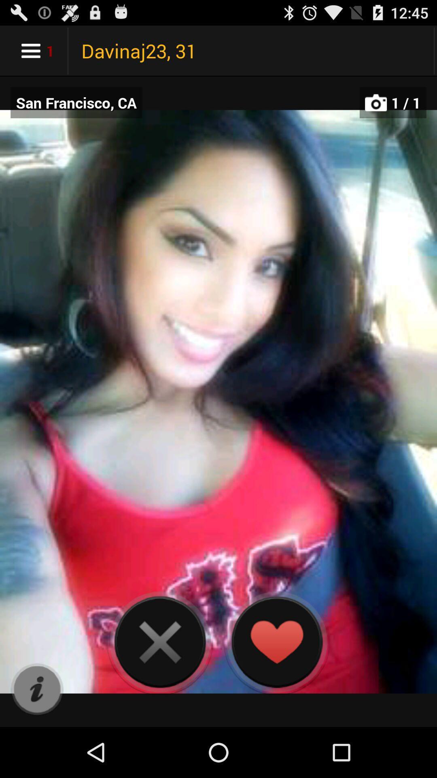 The height and width of the screenshot is (778, 437). Describe the element at coordinates (37, 689) in the screenshot. I see `item at the bottom left corner` at that location.